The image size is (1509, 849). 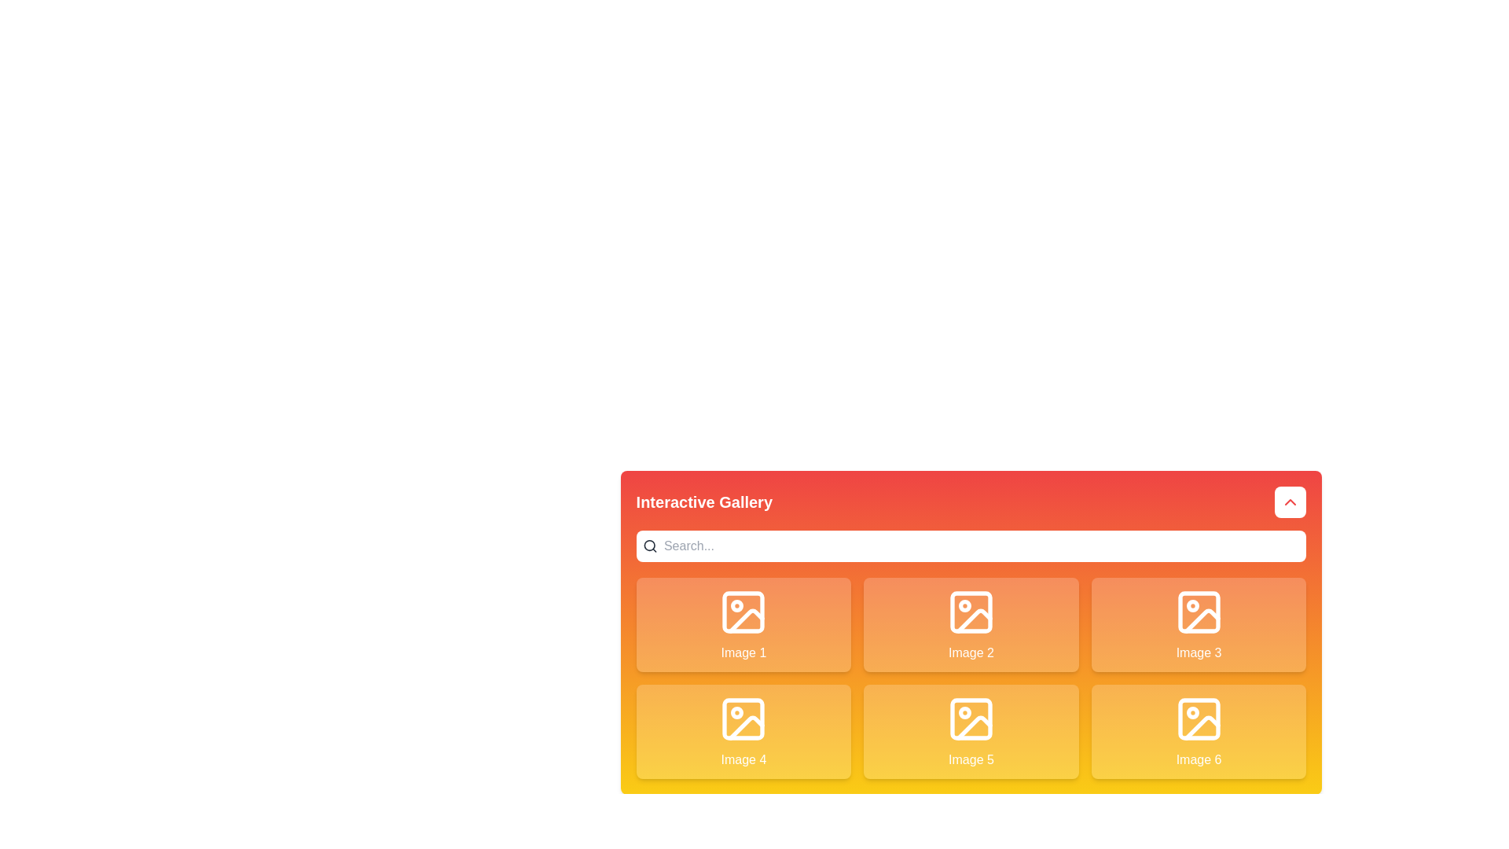 I want to click on the third card representing 'Image 3' in the grid layout, so click(x=1198, y=623).